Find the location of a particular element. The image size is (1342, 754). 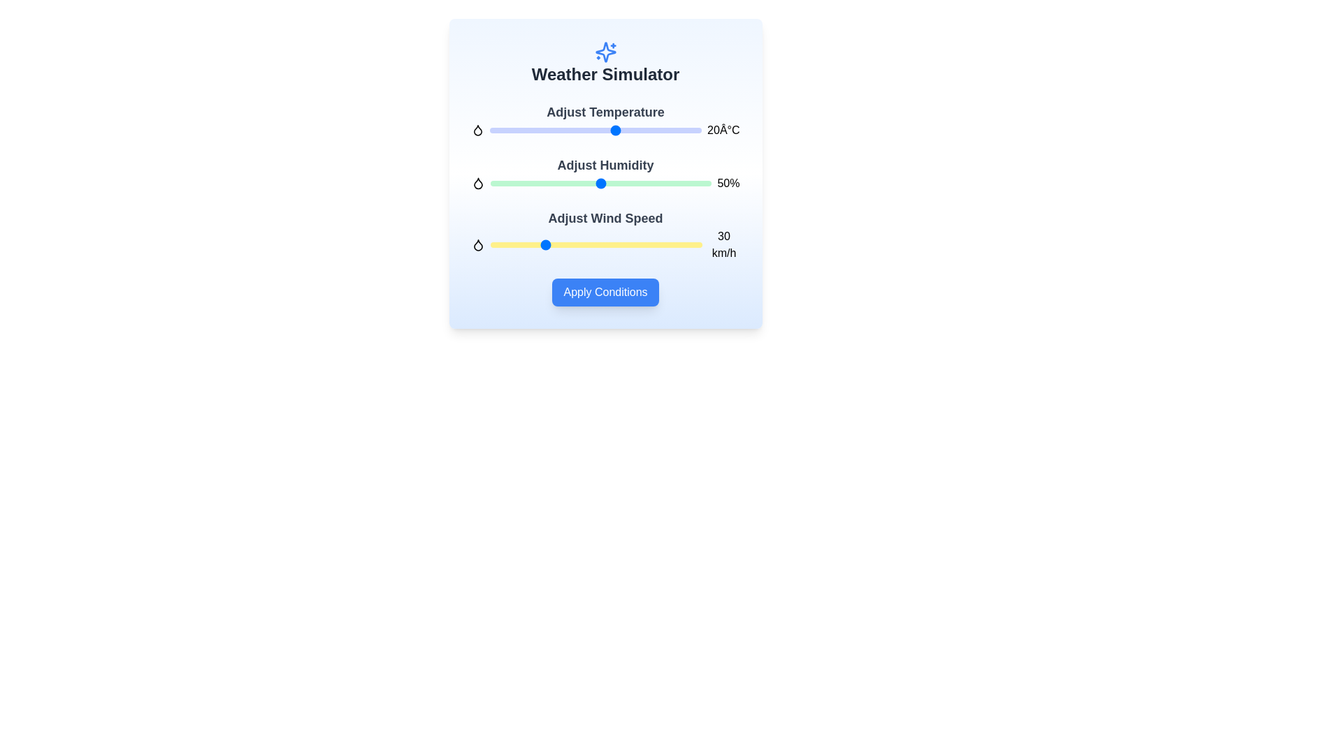

the humidity level to 53% by sliding the humidity slider is located at coordinates (607, 182).